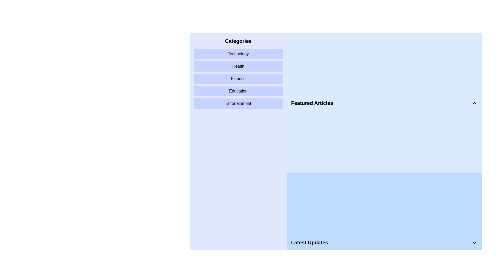 The width and height of the screenshot is (496, 279). What do you see at coordinates (238, 91) in the screenshot?
I see `the 'Education' category button located in the vertical list of buttons for navigation within the application interface` at bounding box center [238, 91].